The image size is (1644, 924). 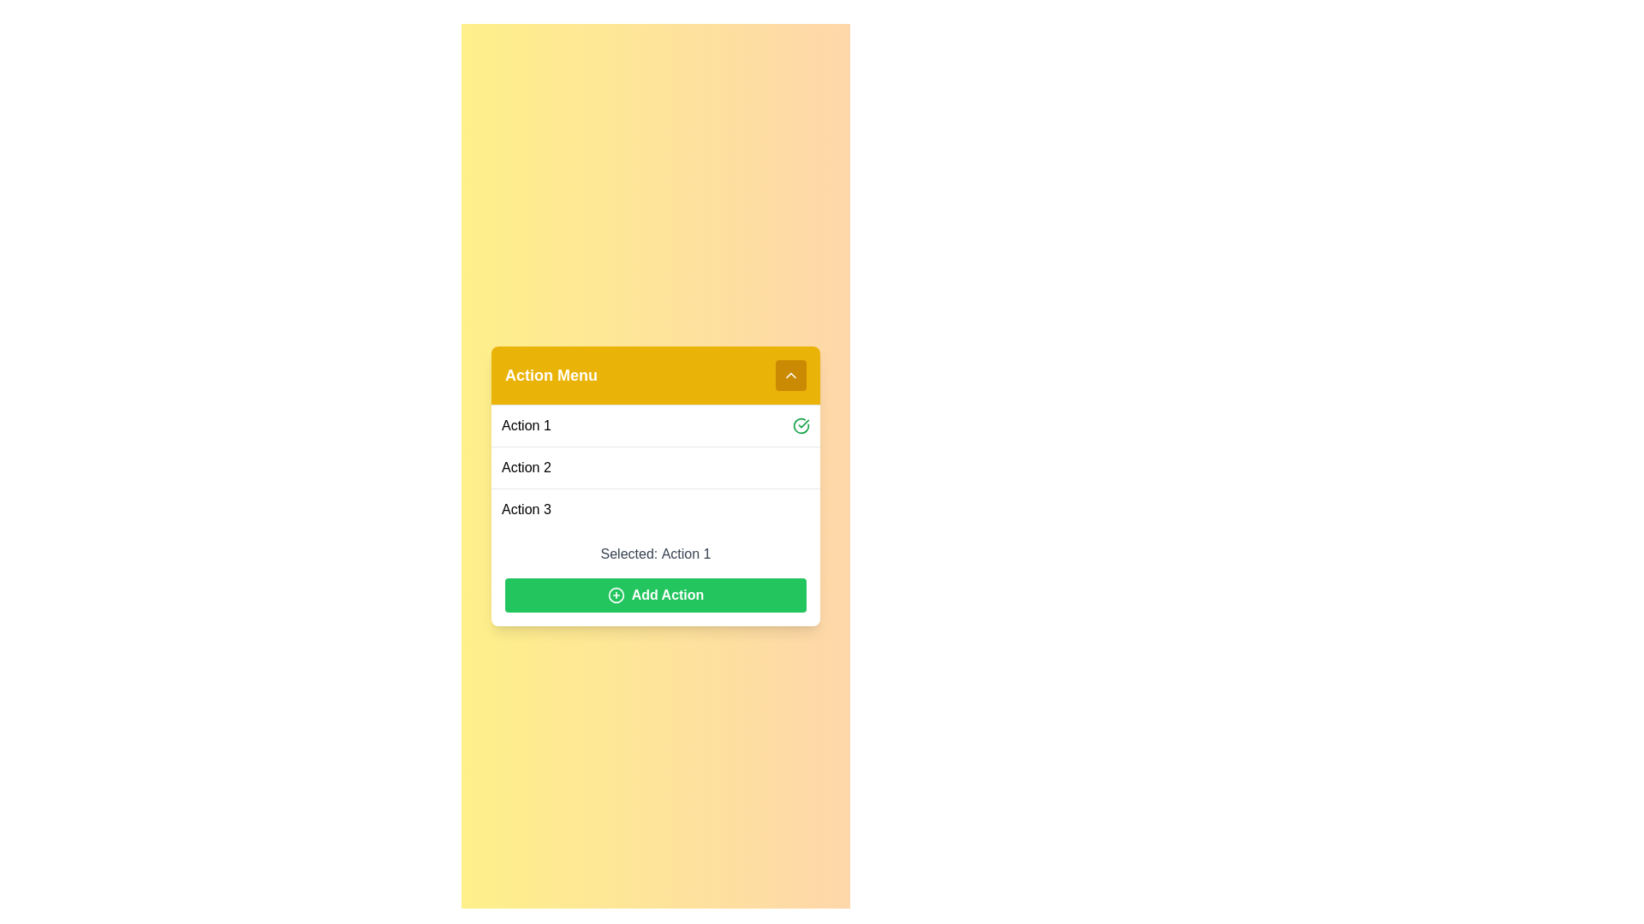 I want to click on the Text Label displaying 'Action 1', which is centrally located in the lower part of the interface and follows the phrase 'Selected:', so click(x=686, y=554).